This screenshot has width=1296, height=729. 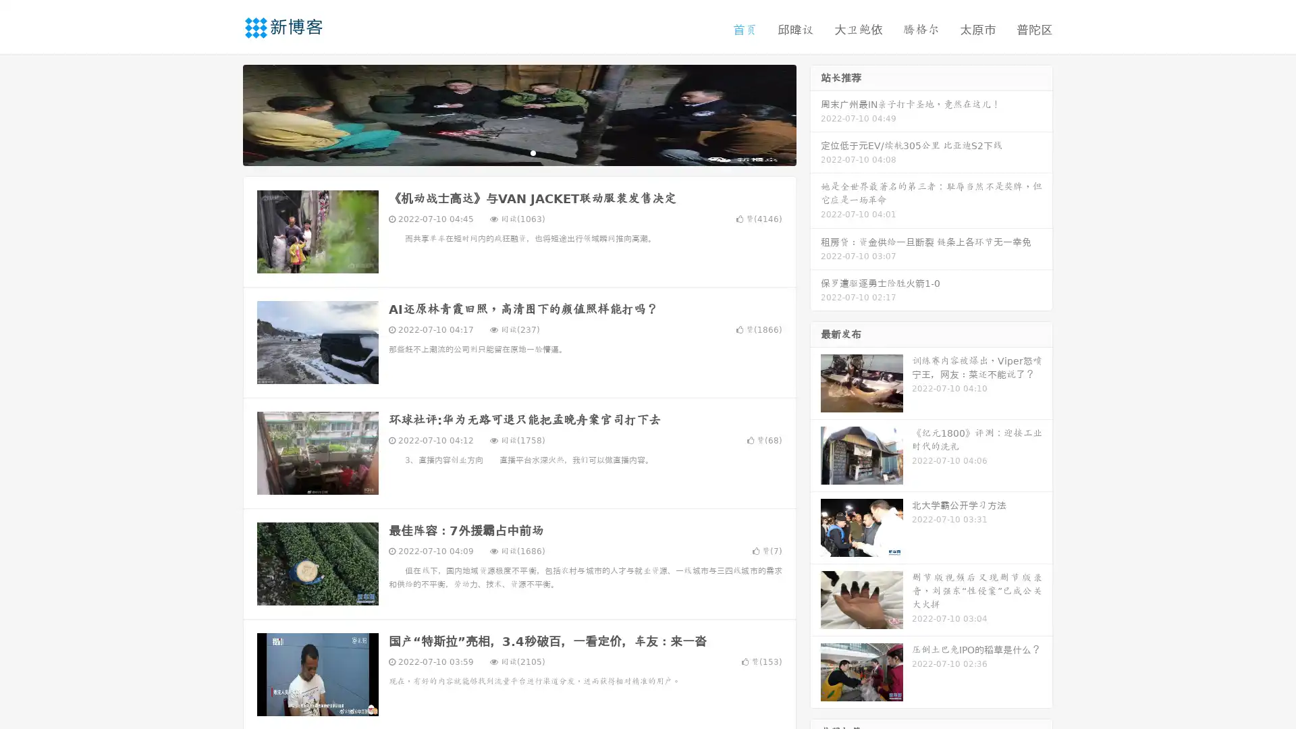 I want to click on Go to slide 2, so click(x=518, y=152).